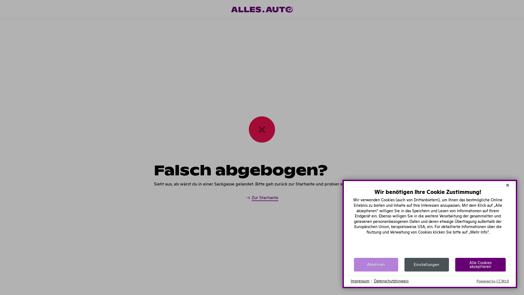  What do you see at coordinates (503, 185) in the screenshot?
I see `'Close'` at bounding box center [503, 185].